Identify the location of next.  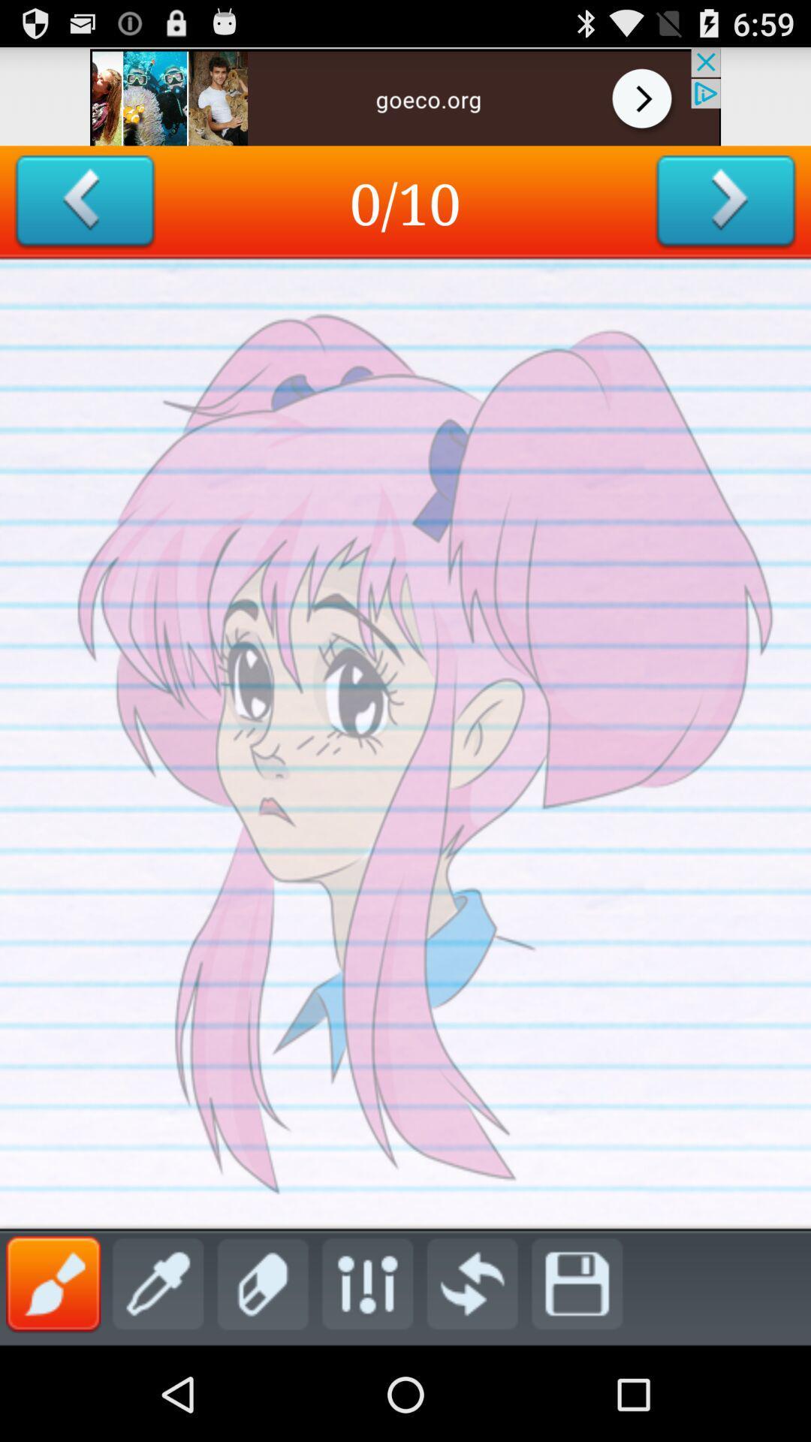
(725, 201).